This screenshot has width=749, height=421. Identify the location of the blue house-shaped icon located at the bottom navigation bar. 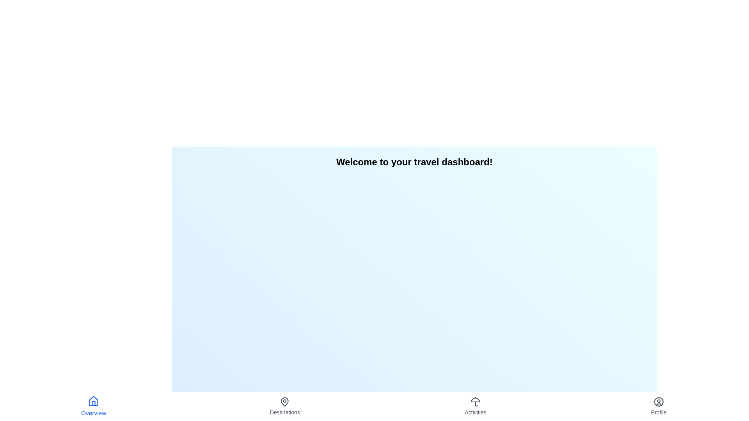
(94, 401).